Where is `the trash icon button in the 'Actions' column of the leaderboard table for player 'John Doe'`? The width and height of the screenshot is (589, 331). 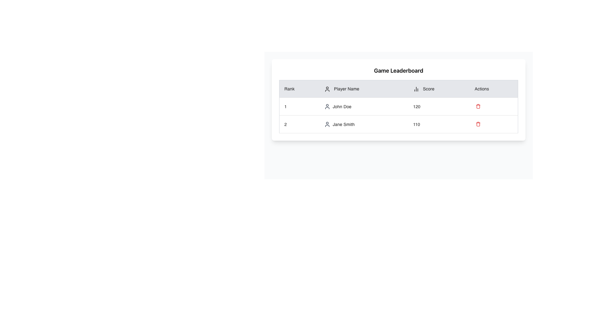
the trash icon button in the 'Actions' column of the leaderboard table for player 'John Doe' is located at coordinates (478, 106).